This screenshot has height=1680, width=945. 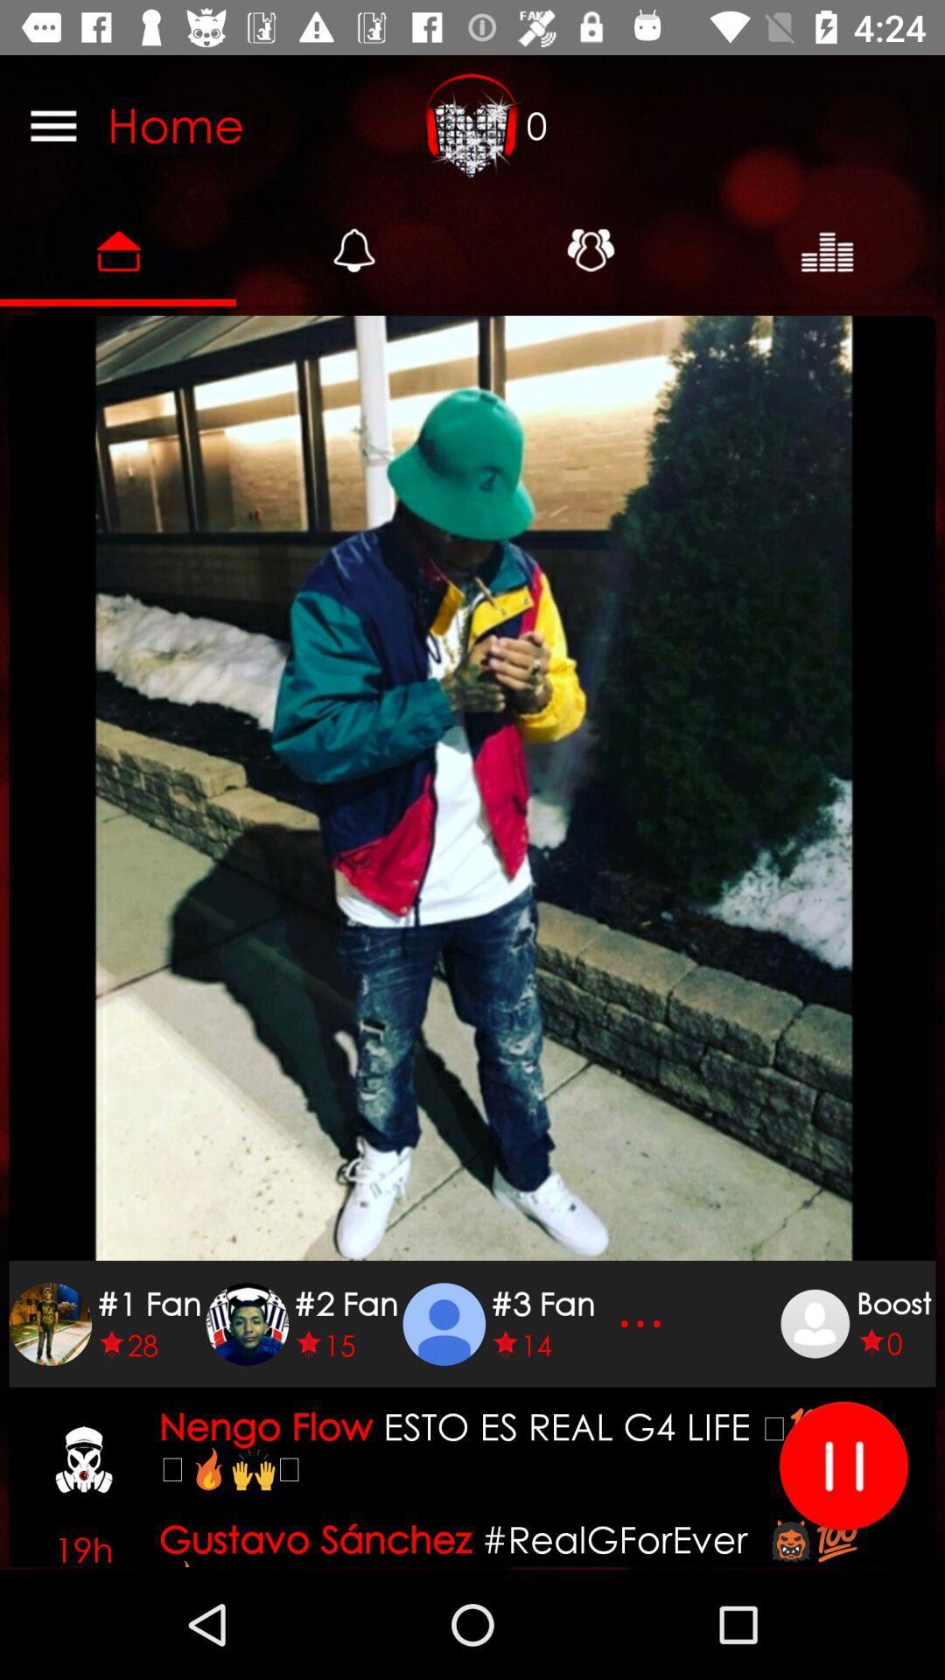 I want to click on the pause icon, so click(x=843, y=1466).